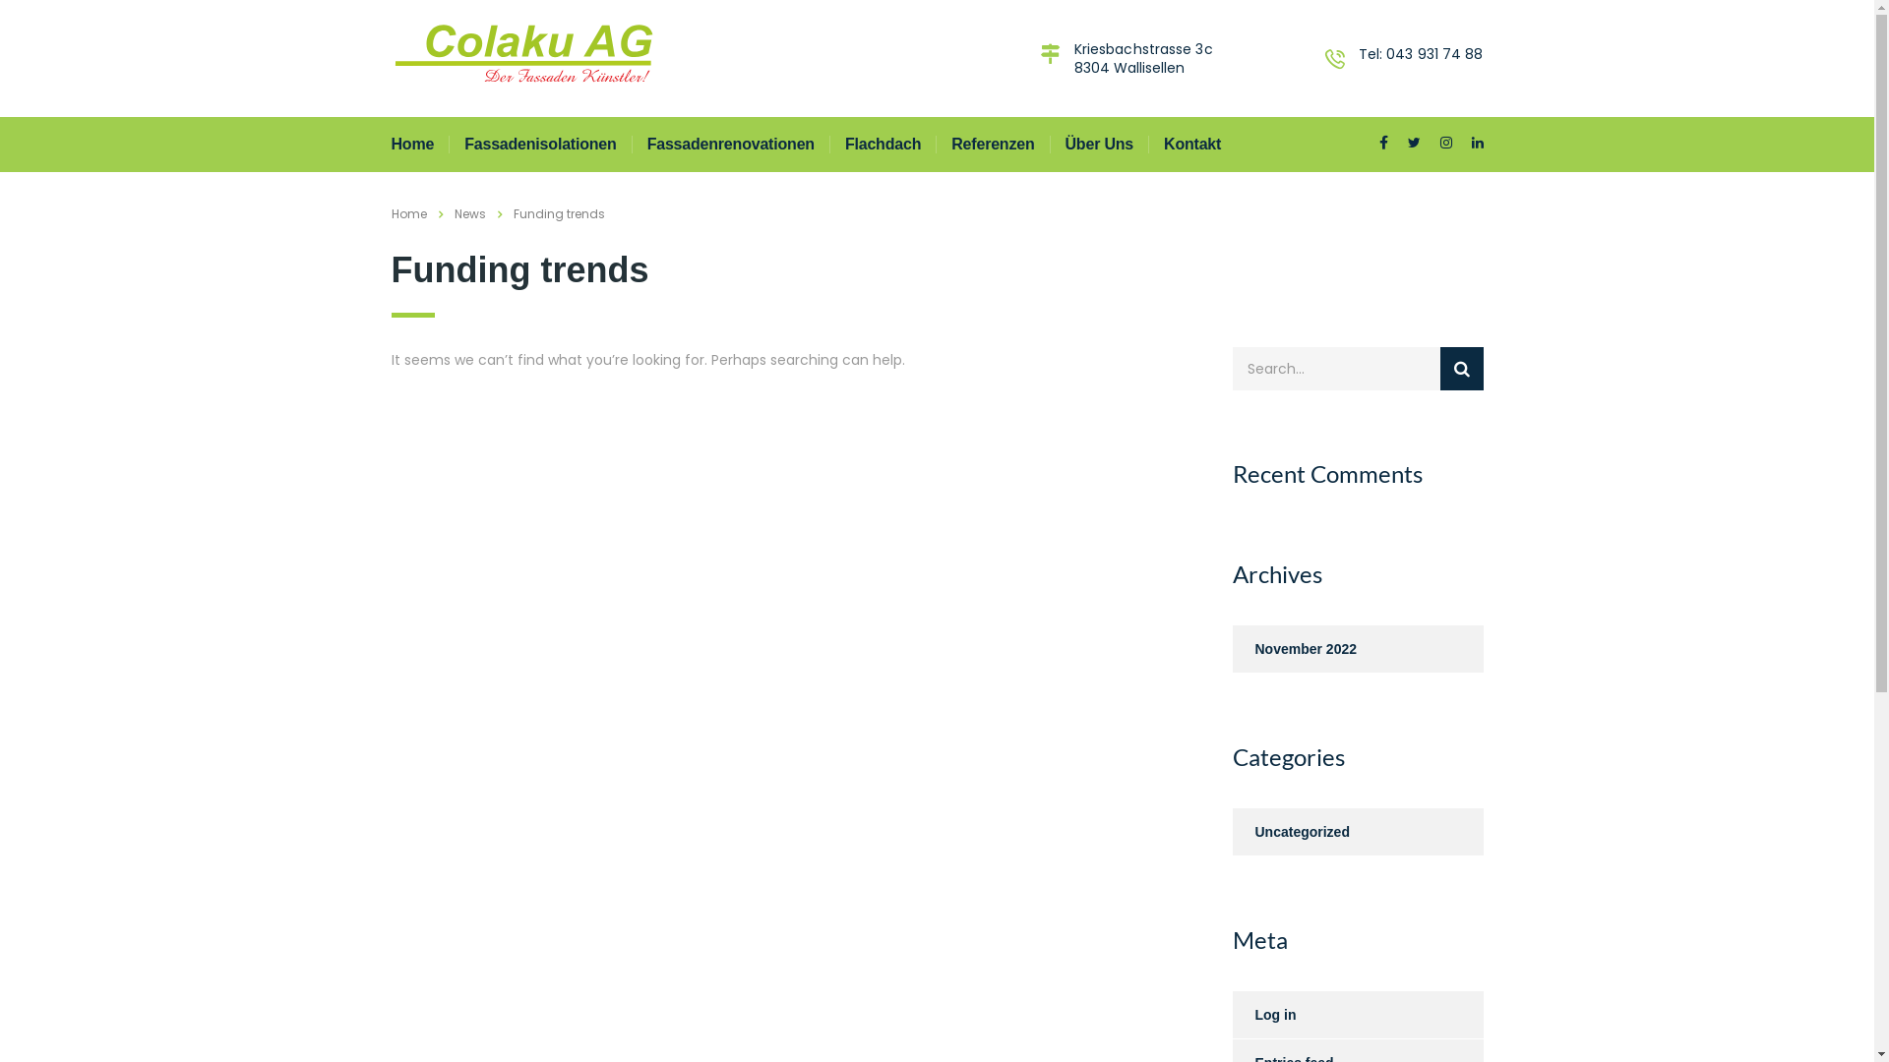 The image size is (1889, 1062). Describe the element at coordinates (539, 143) in the screenshot. I see `'Fassadenisolationen'` at that location.